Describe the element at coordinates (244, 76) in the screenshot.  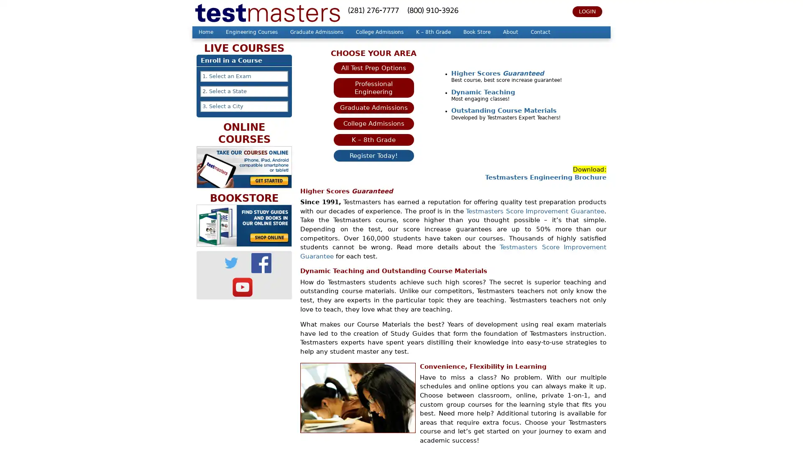
I see `1. Select an Exam` at that location.